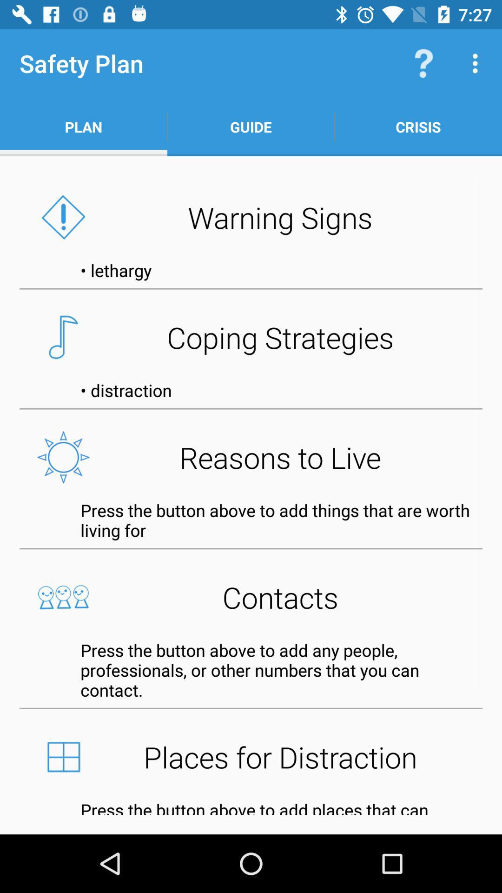 The image size is (502, 893). Describe the element at coordinates (423, 63) in the screenshot. I see `the icon to the right of guide app` at that location.